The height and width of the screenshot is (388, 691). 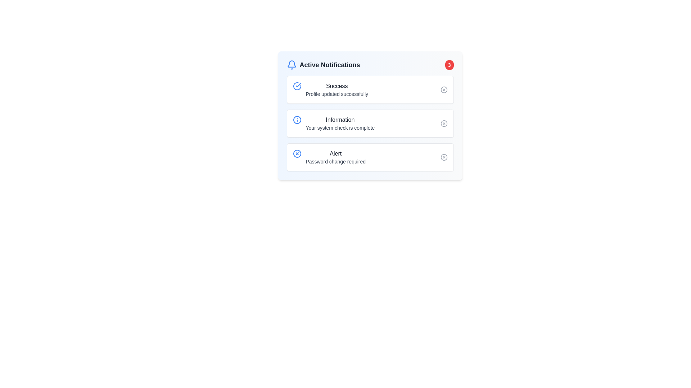 I want to click on the header text with an icon indicating the active notifications section, so click(x=323, y=65).